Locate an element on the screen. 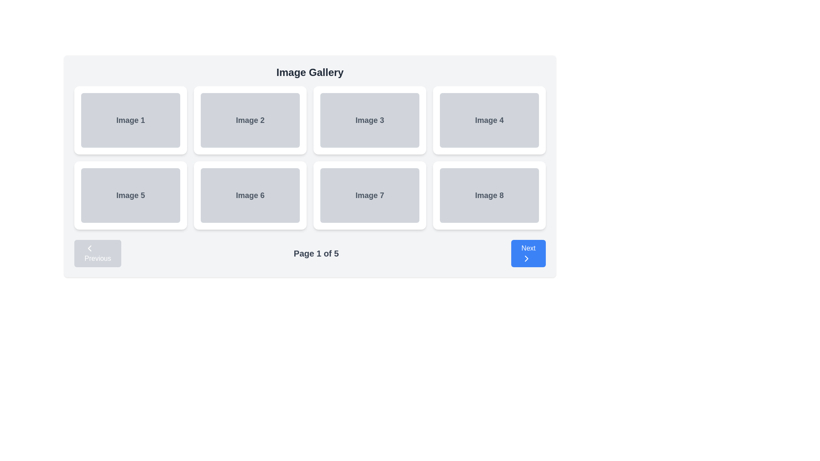 The image size is (820, 461). the placeholder element representing 'Image 8' in the gallery, located in the last column of the second row of a grid layout is located at coordinates (489, 195).